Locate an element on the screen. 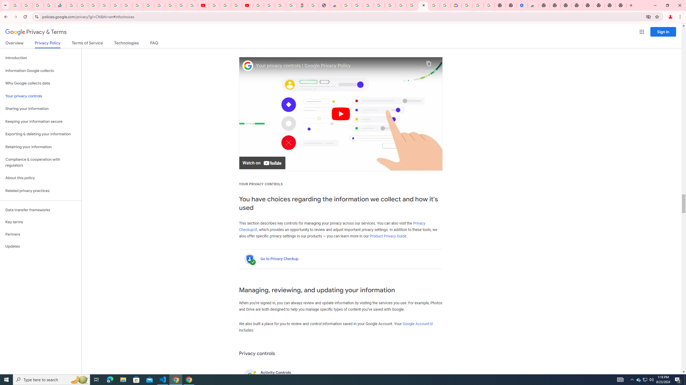 This screenshot has height=385, width=686. 'Privacy Checkup' is located at coordinates (332, 226).